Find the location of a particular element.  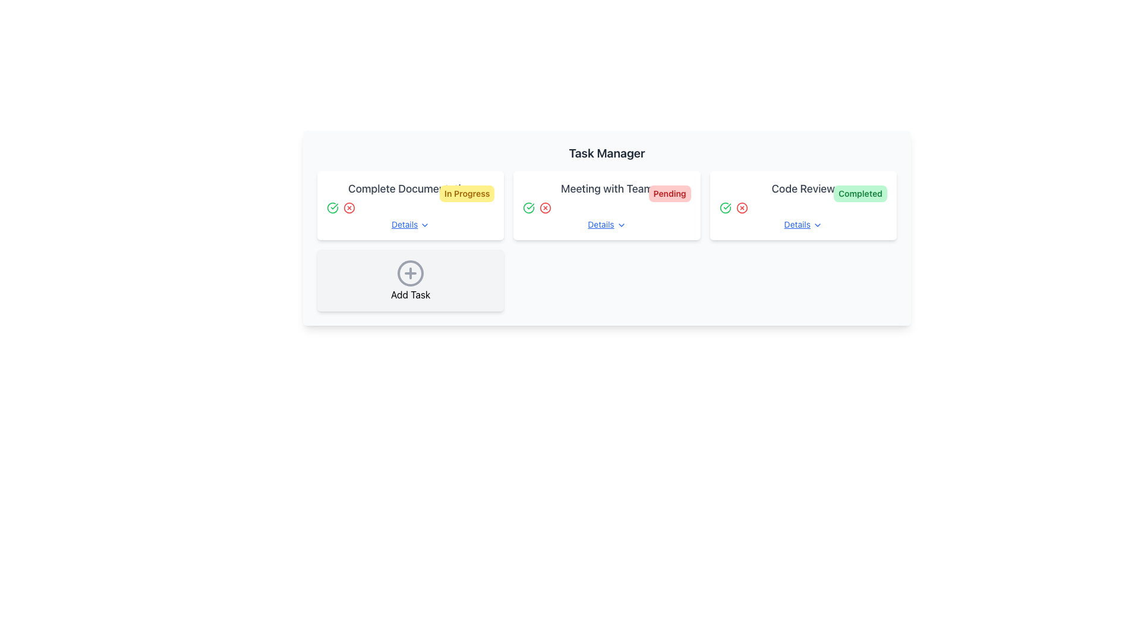

the text label element labeled 'Meeting with Team' which is styled with a large font size and light gray color, positioned at the top of the middle task card in the user interface is located at coordinates (607, 188).